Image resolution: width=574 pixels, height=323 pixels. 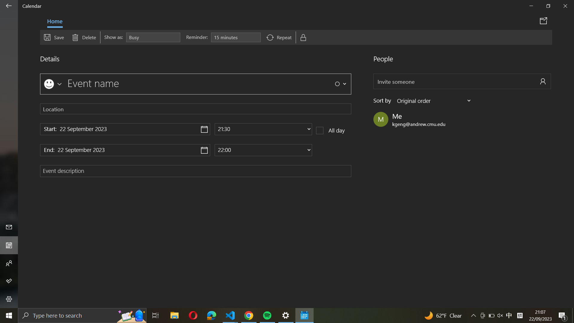 What do you see at coordinates (263, 150) in the screenshot?
I see `Update the closing time of the activity to 10 in the night` at bounding box center [263, 150].